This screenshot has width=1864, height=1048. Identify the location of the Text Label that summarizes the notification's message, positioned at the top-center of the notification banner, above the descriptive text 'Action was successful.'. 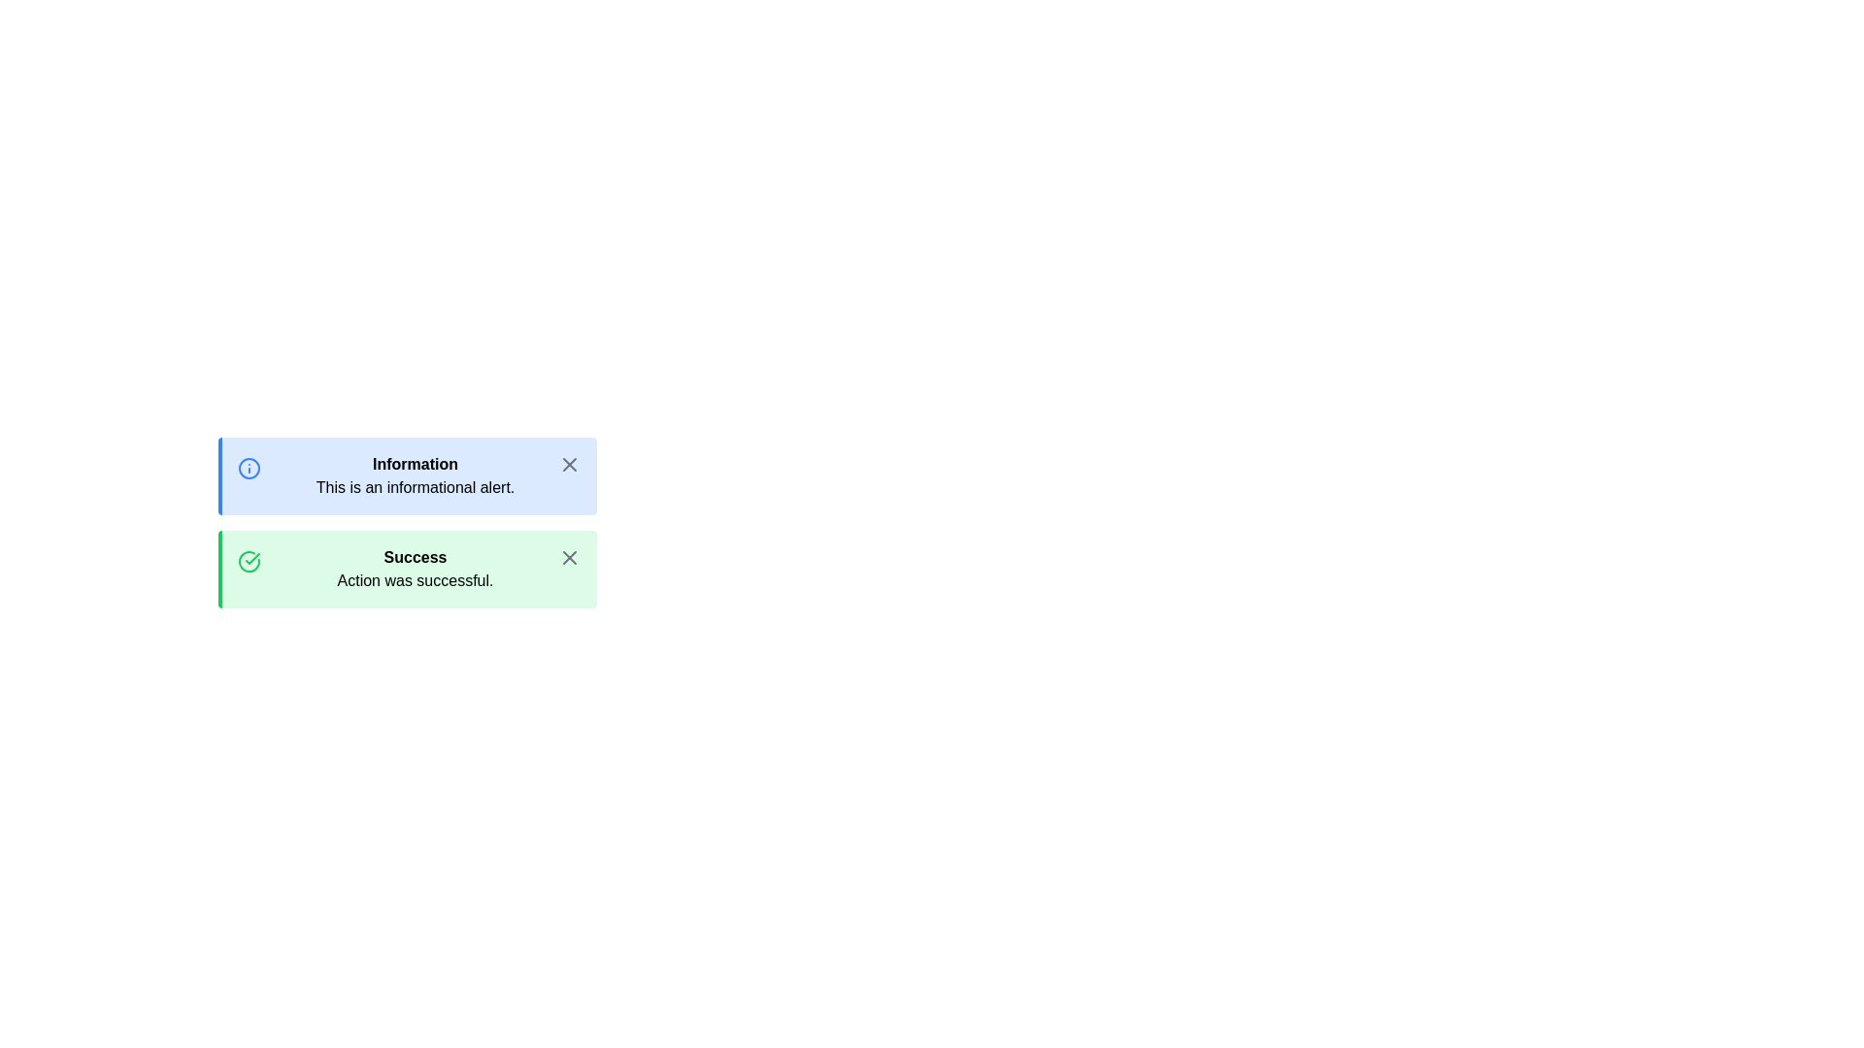
(414, 557).